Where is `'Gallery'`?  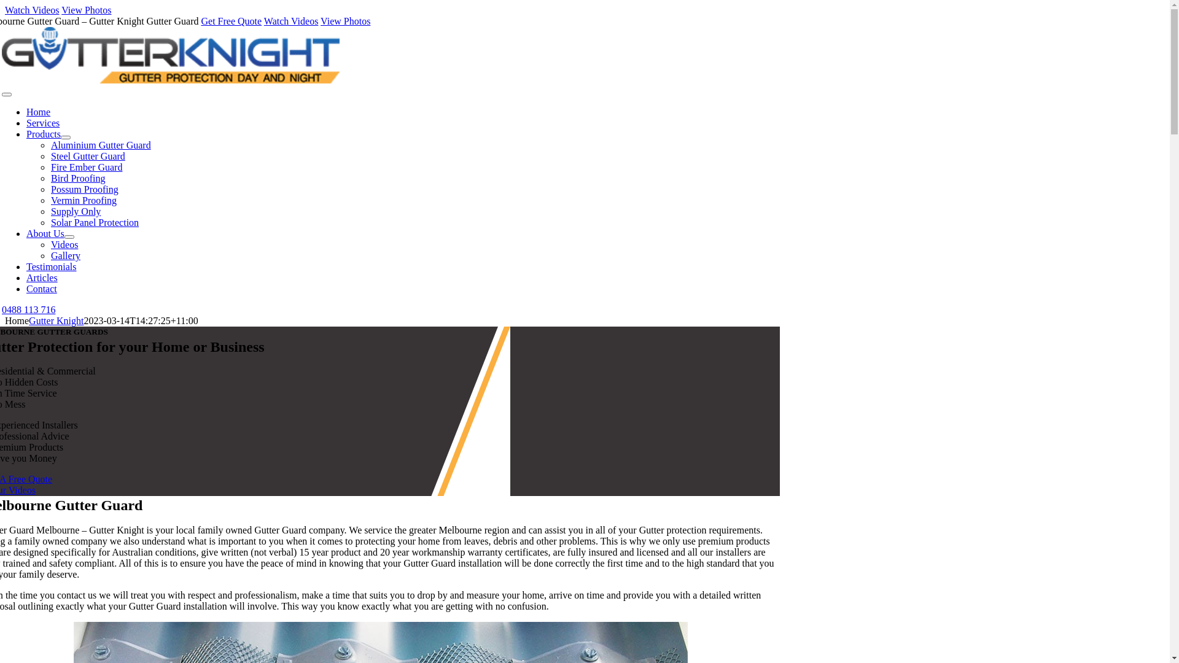
'Gallery' is located at coordinates (64, 255).